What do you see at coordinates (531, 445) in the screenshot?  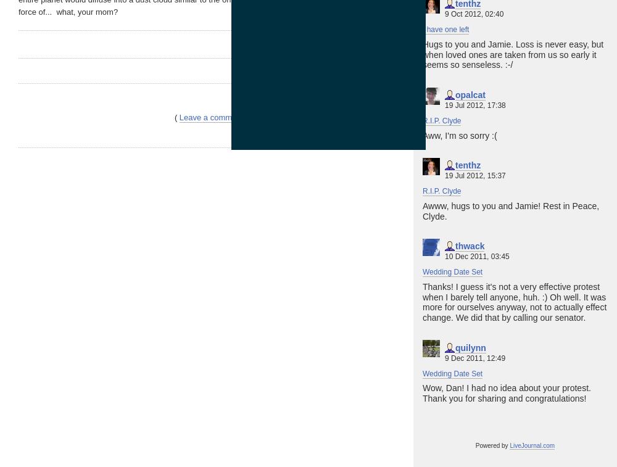 I see `'LiveJournal.com'` at bounding box center [531, 445].